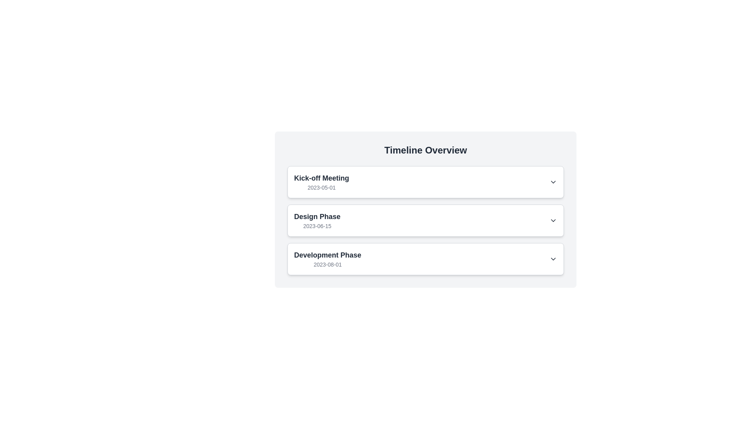 The image size is (754, 424). What do you see at coordinates (425, 259) in the screenshot?
I see `the 'Development Phase' dropdown item` at bounding box center [425, 259].